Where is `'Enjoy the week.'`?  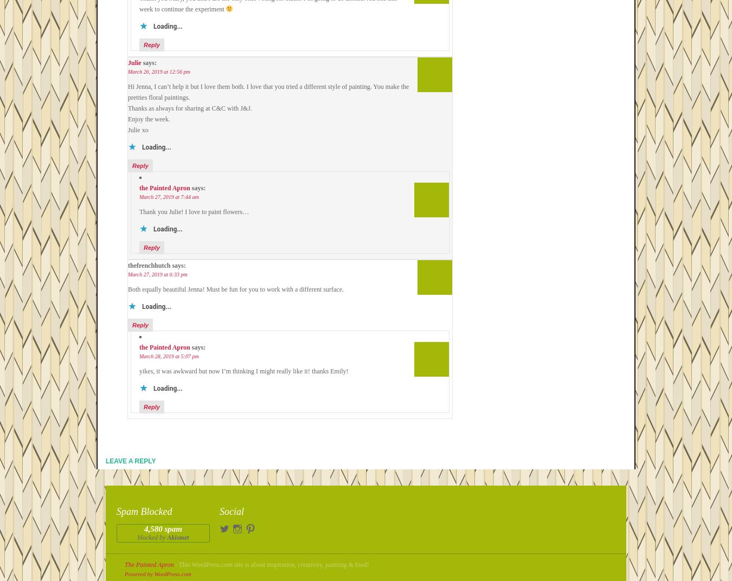
'Enjoy the week.' is located at coordinates (148, 119).